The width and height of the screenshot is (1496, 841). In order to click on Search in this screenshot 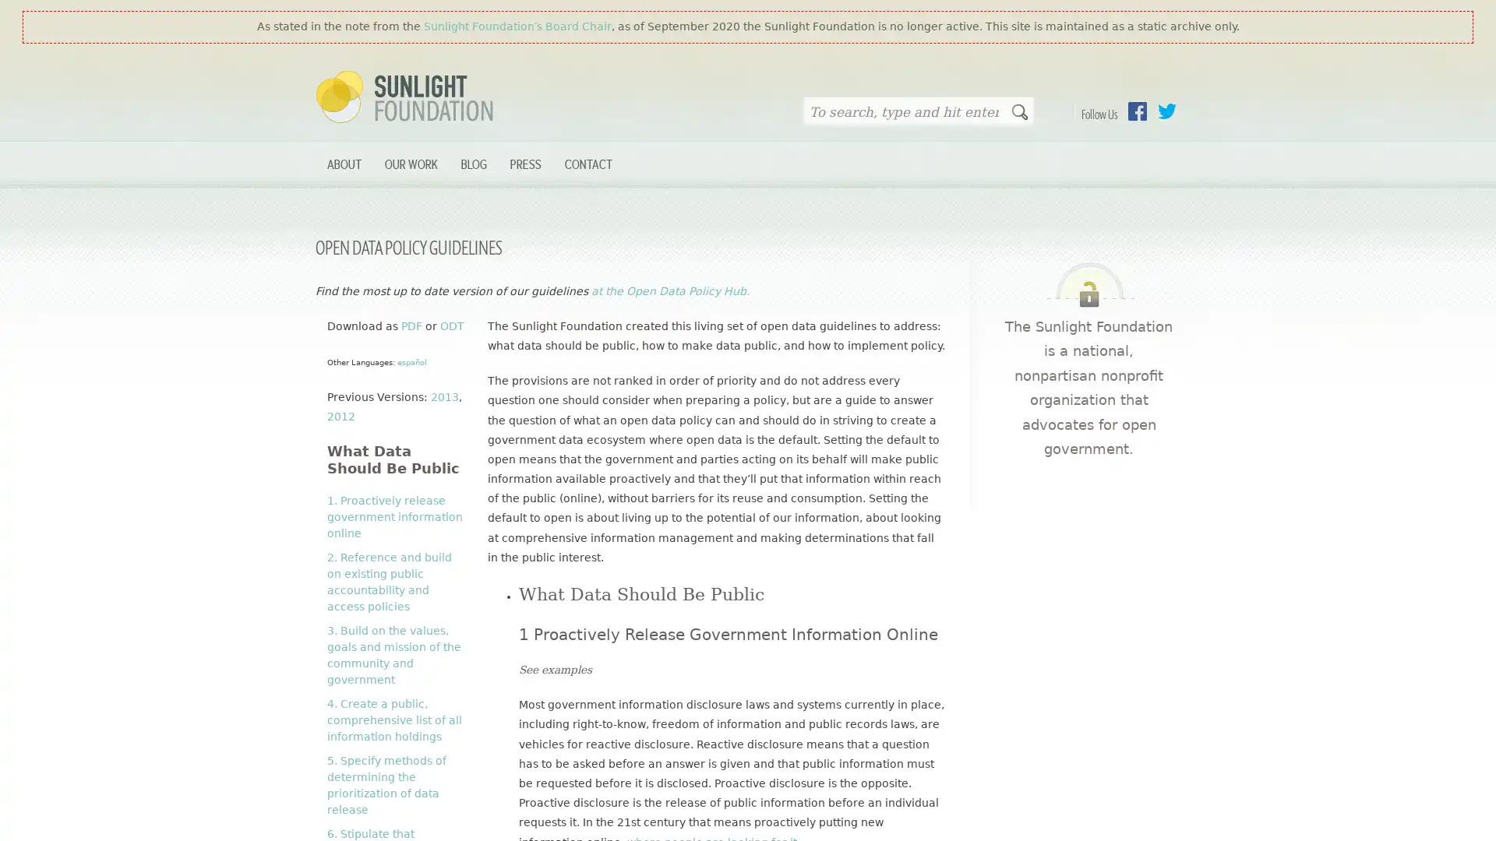, I will do `click(1018, 112)`.